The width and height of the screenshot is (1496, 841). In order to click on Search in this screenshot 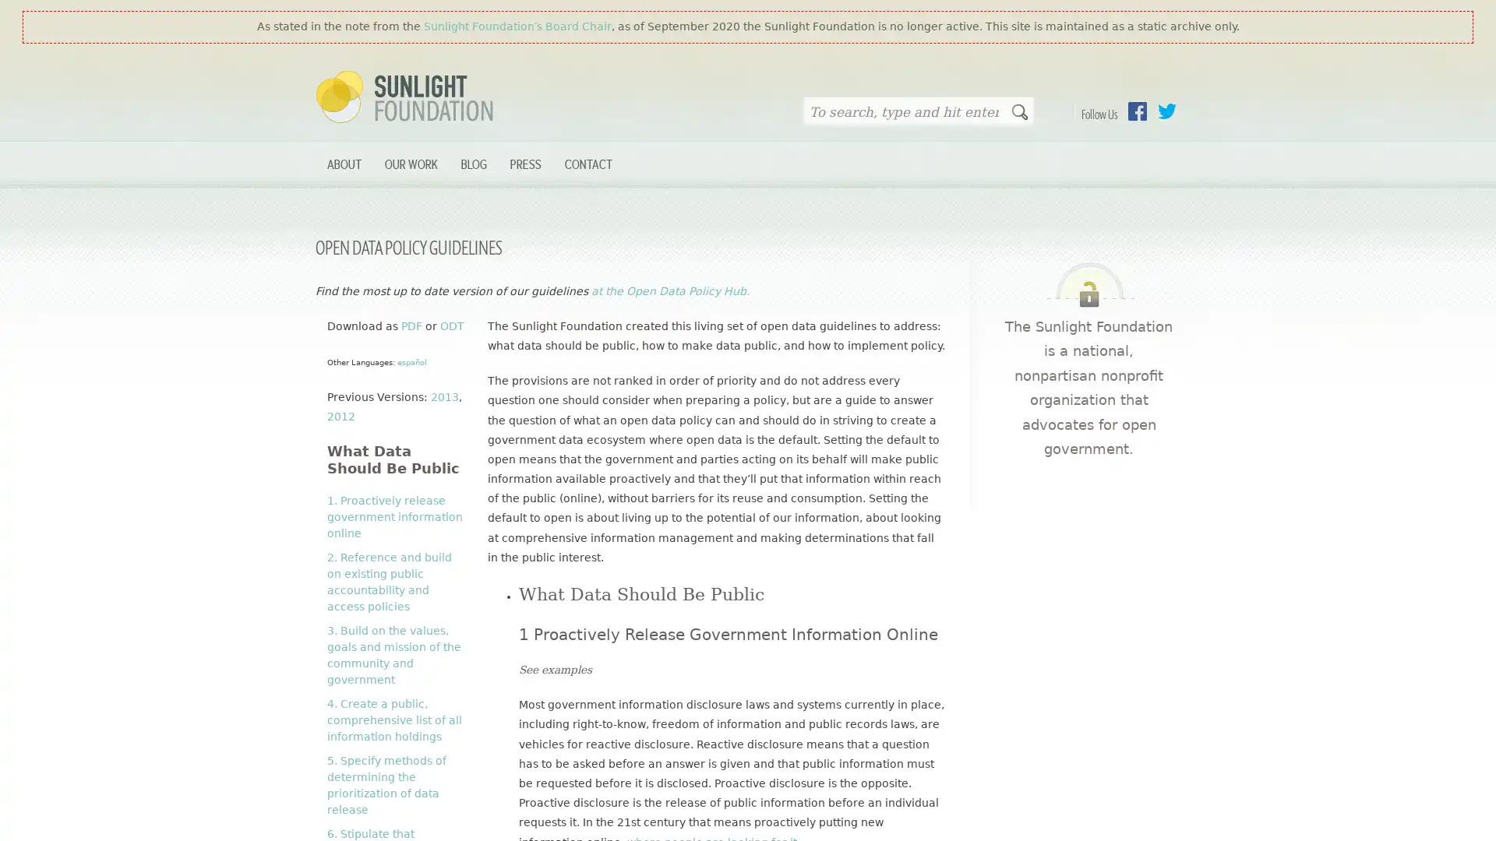, I will do `click(1018, 112)`.